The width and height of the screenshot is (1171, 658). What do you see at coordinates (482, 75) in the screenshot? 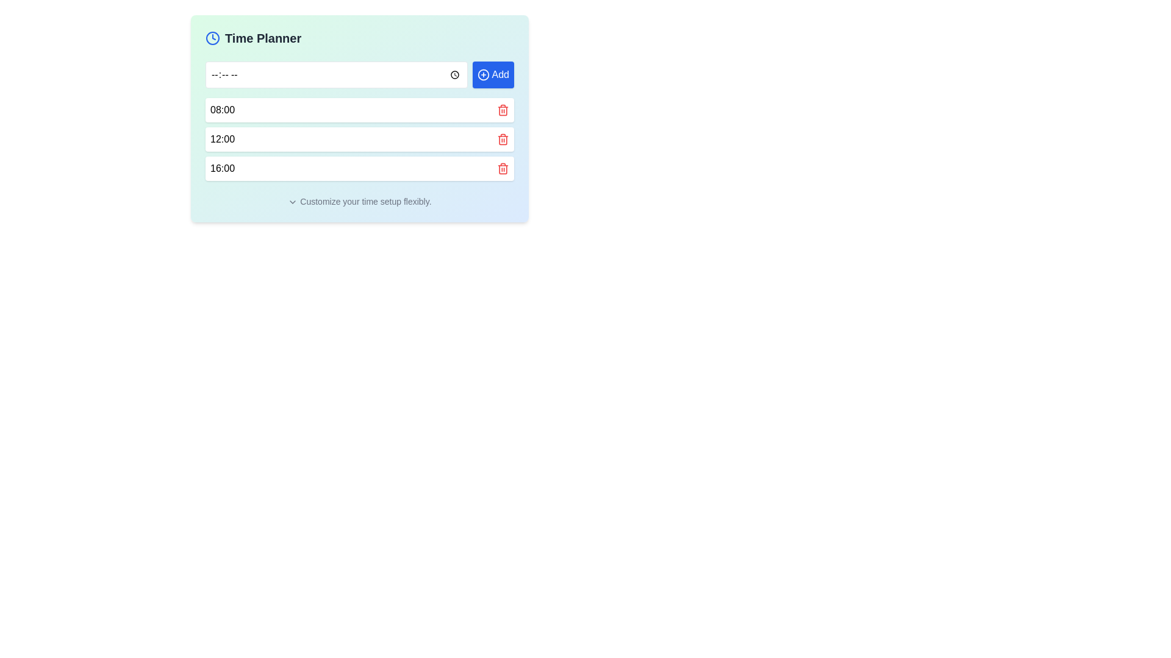
I see `the circular icon with a plus sign on a blue background, located on the left side of the 'Add' button in the upper-right corner of the 'Time Planner' panel` at bounding box center [482, 75].